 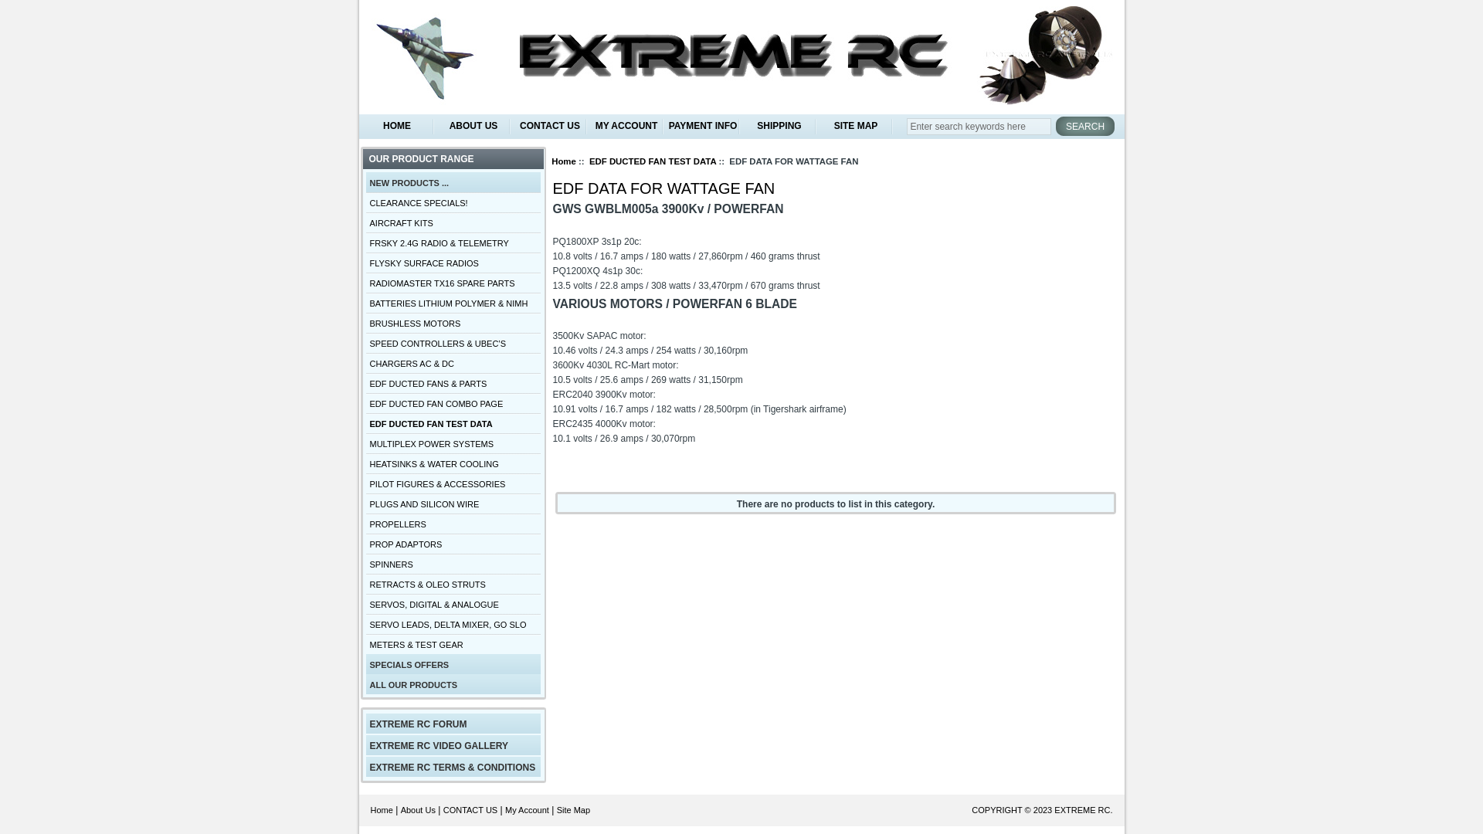 I want to click on 'PILOT FIGURES & ACCESSORIES', so click(x=452, y=482).